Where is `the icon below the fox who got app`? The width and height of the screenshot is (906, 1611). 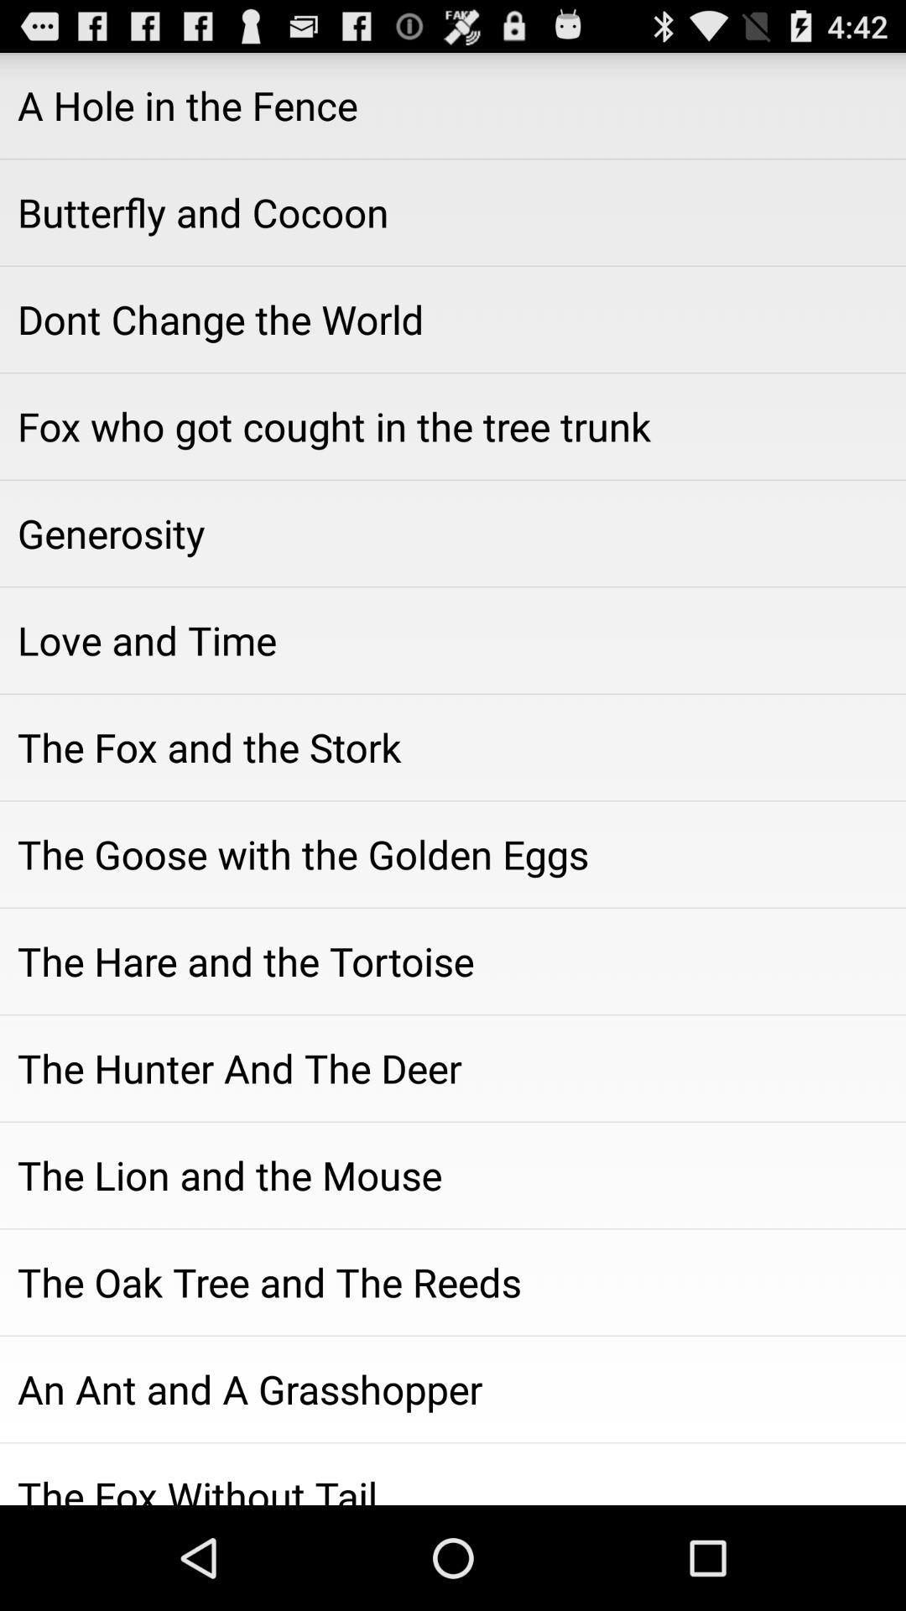
the icon below the fox who got app is located at coordinates (453, 532).